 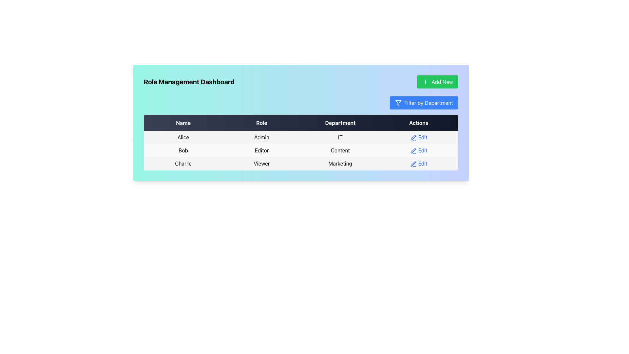 What do you see at coordinates (418, 150) in the screenshot?
I see `the blue 'Edit' hyperlink with a pen icon located in the 'Actions' column of the table, specifically the second link below the 'IT' department row` at bounding box center [418, 150].